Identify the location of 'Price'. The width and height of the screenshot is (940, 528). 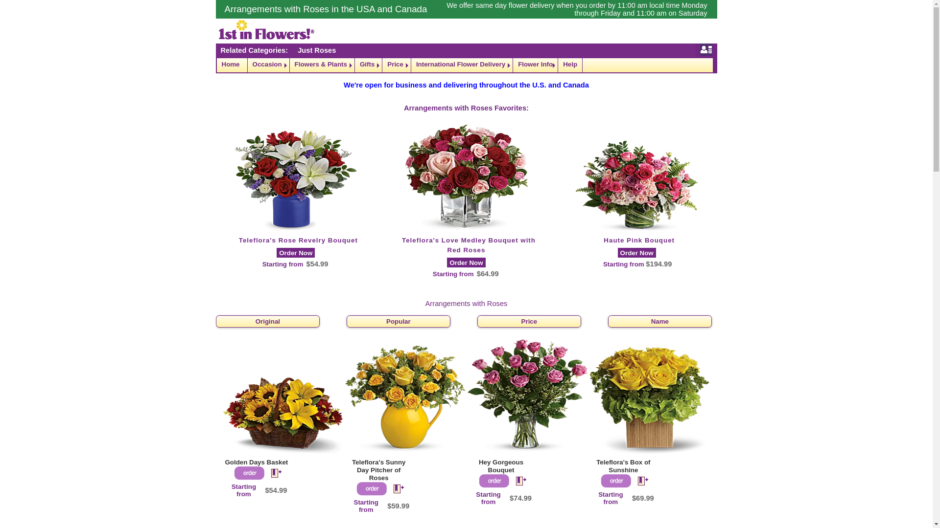
(382, 65).